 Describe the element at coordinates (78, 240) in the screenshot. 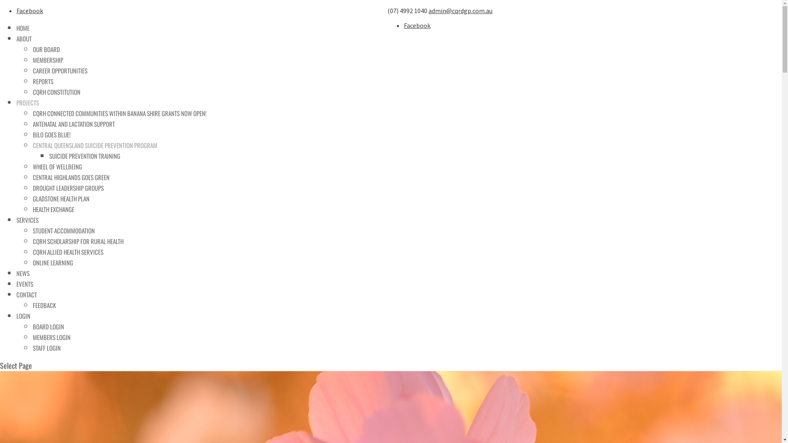

I see `'CQRH SCHOLARSHIP FOR RURAL HEALTH'` at that location.